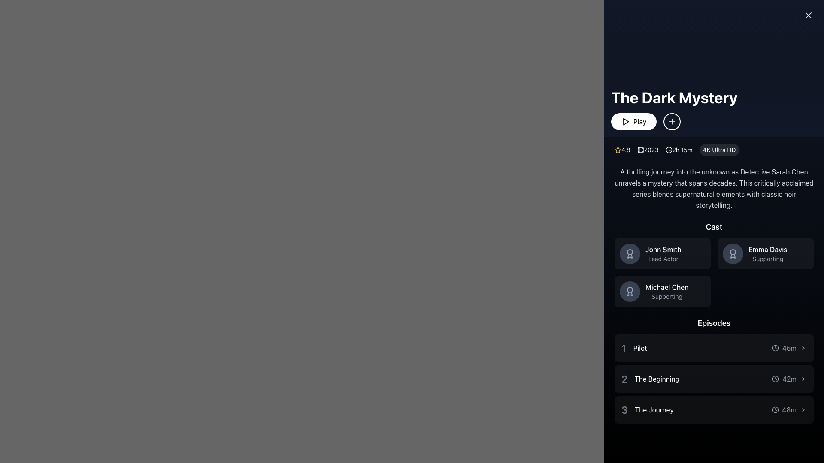  I want to click on the circular button with a plus symbol, which is located directly to the right of the 'Play' button in the top content section, so click(672, 122).